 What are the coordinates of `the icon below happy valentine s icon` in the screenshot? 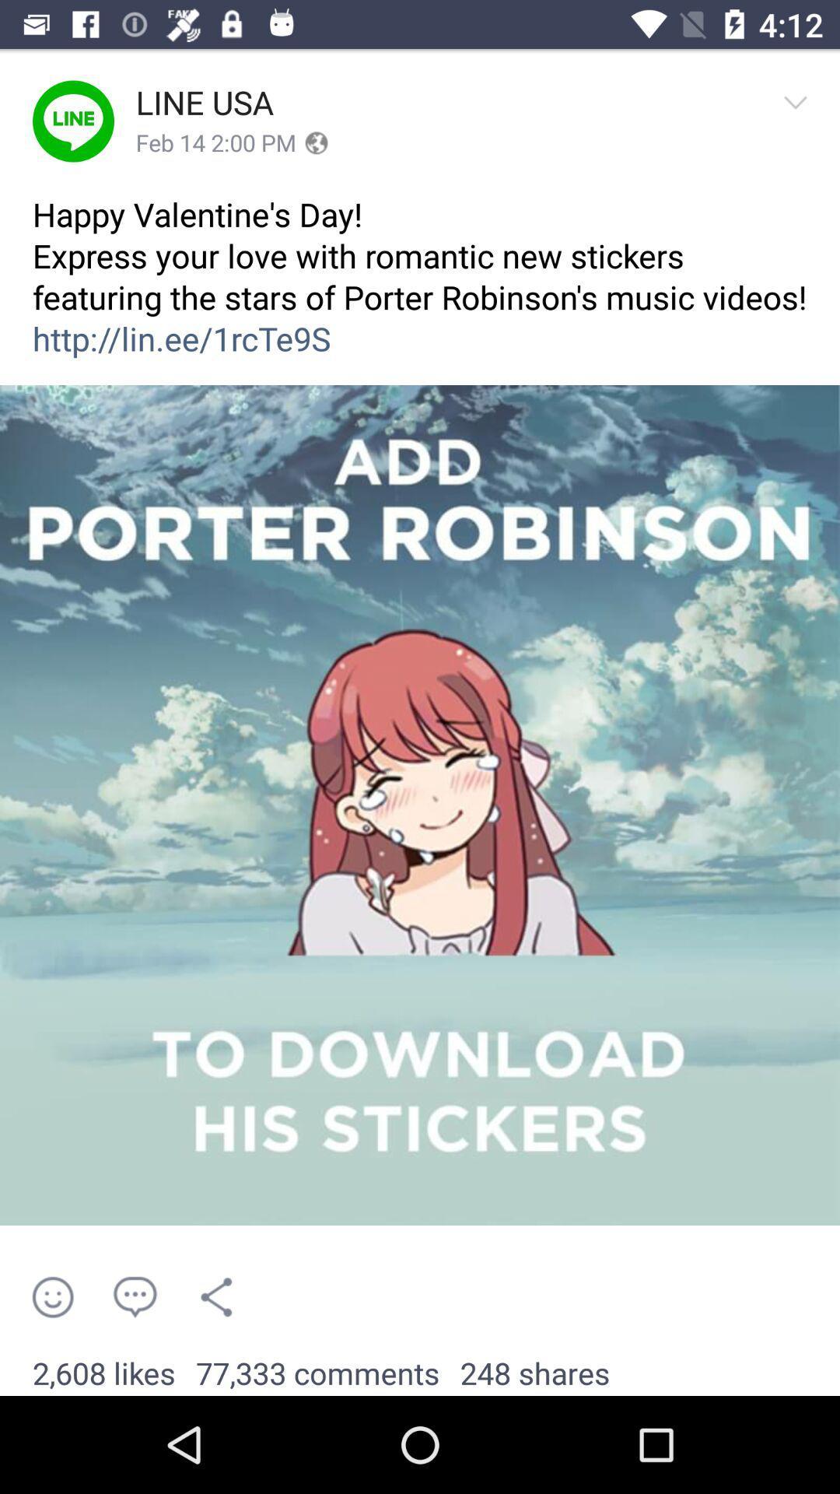 It's located at (420, 805).